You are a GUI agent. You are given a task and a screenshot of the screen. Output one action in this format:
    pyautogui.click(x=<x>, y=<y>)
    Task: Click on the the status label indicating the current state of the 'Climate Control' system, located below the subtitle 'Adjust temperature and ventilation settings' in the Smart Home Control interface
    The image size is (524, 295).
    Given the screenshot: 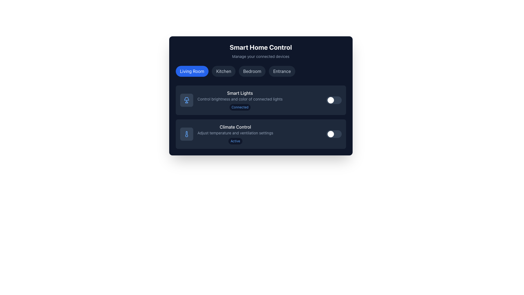 What is the action you would take?
    pyautogui.click(x=235, y=141)
    